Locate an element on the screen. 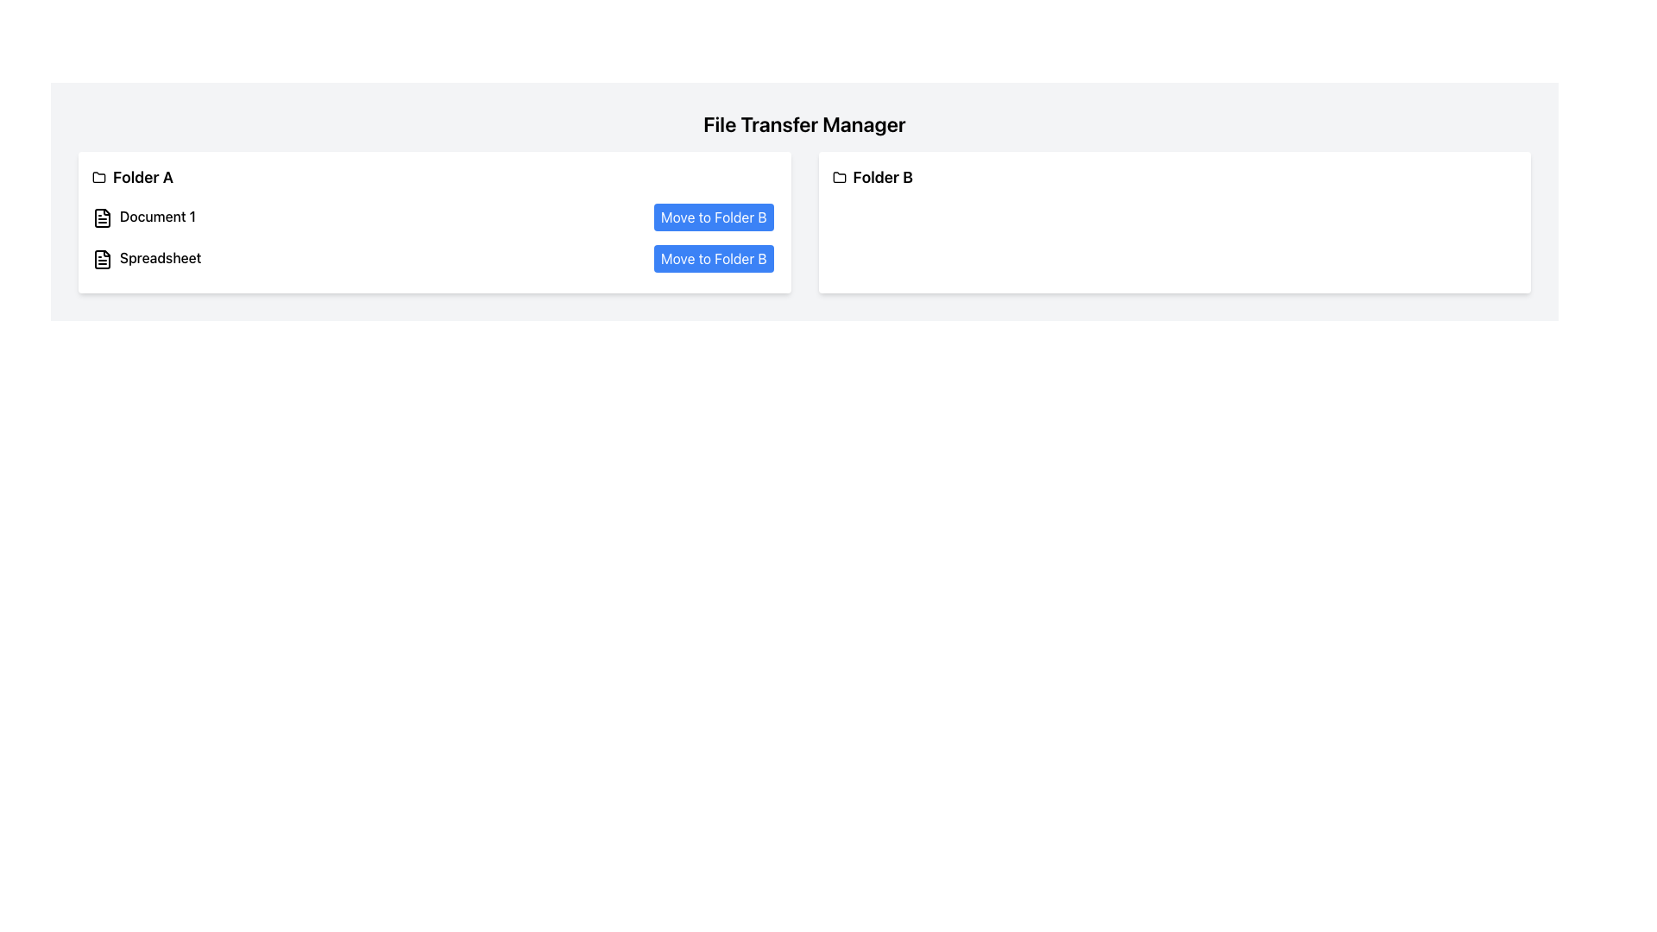 The height and width of the screenshot is (932, 1657). the document icon located below the 'Document 1' entry and above the 'Spreadsheet' entry in the left panel labeled 'Folder A' is located at coordinates (102, 259).